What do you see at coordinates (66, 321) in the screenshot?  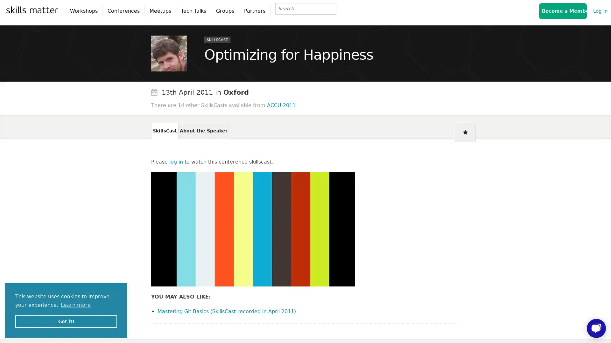 I see `dismiss cookie message` at bounding box center [66, 321].